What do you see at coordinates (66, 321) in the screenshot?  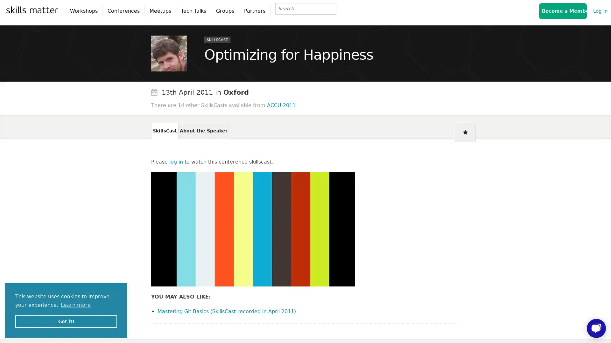 I see `dismiss cookie message` at bounding box center [66, 321].